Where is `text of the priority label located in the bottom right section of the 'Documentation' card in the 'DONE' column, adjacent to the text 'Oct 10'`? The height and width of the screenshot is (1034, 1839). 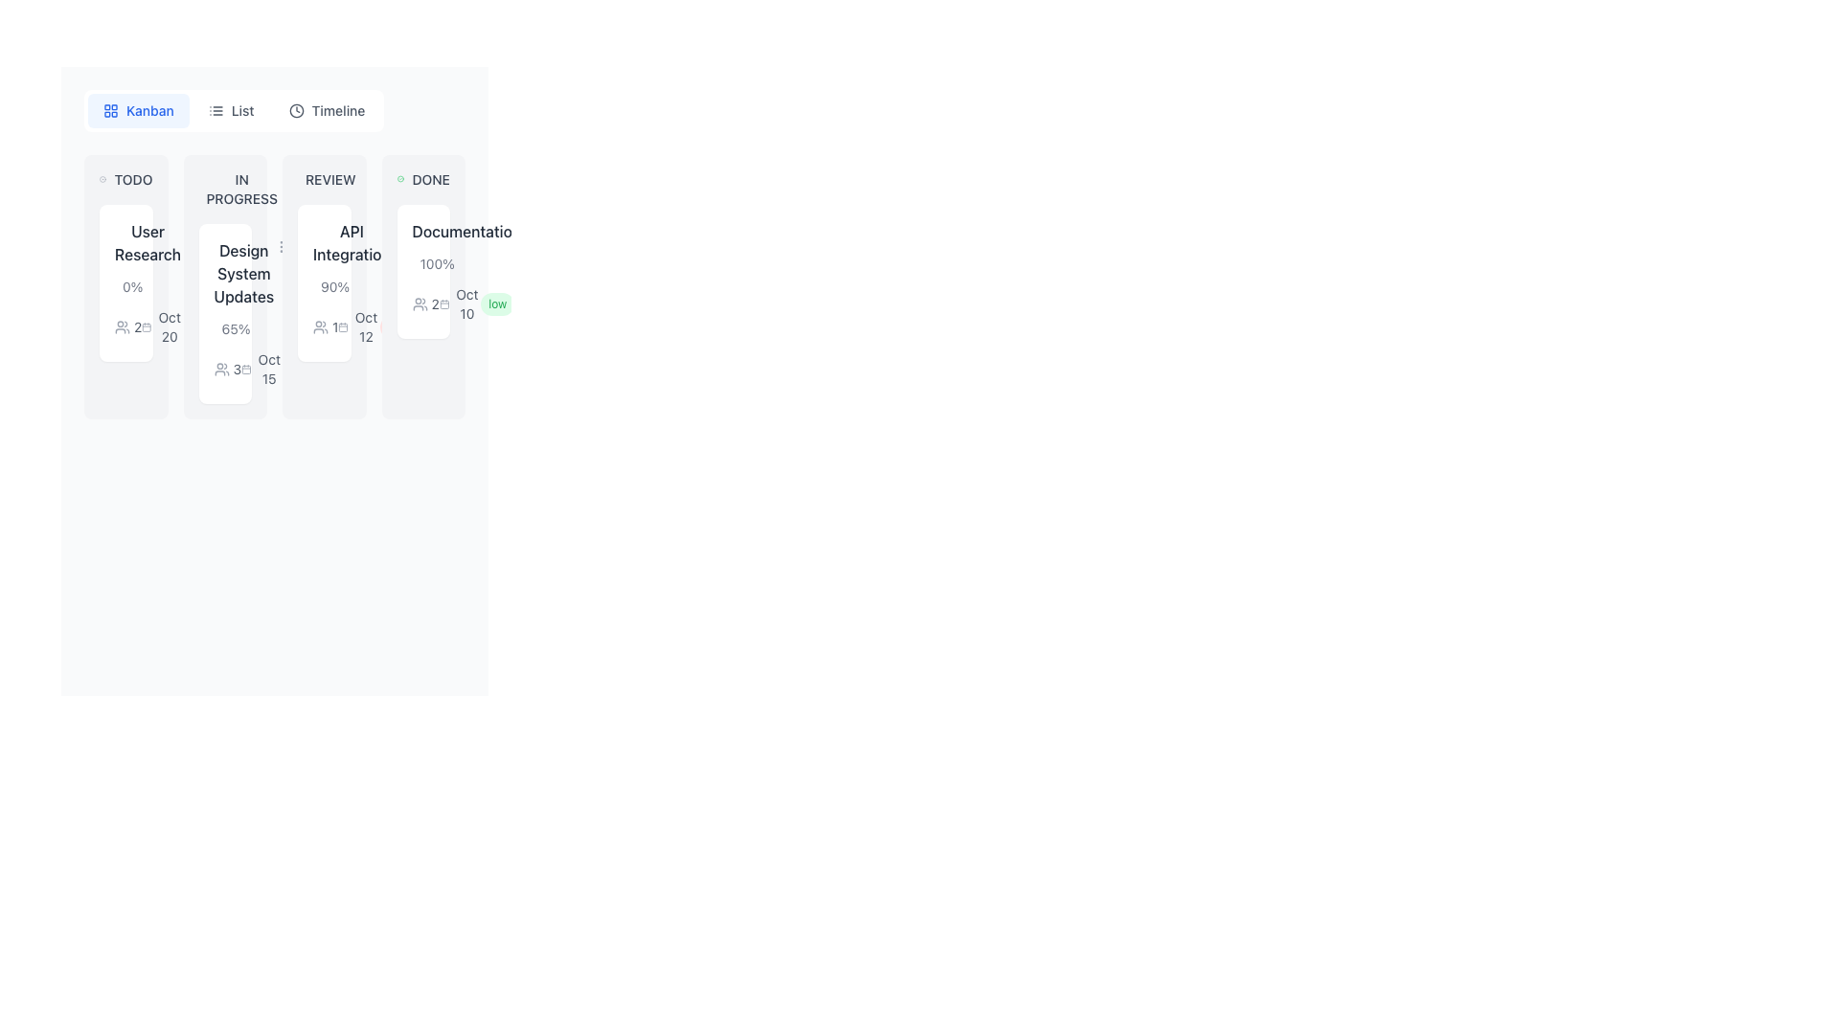
text of the priority label located in the bottom right section of the 'Documentation' card in the 'DONE' column, adjacent to the text 'Oct 10' is located at coordinates (497, 303).